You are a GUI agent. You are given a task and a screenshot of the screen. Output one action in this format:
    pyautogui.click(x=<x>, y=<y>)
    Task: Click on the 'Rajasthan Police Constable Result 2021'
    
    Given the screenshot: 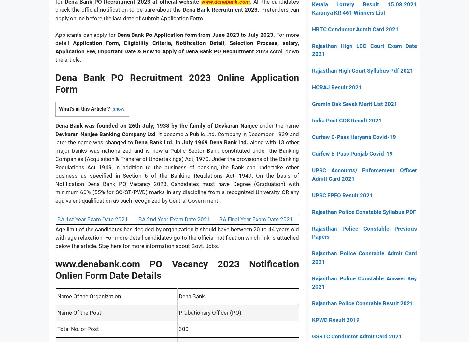 What is the action you would take?
    pyautogui.click(x=362, y=303)
    